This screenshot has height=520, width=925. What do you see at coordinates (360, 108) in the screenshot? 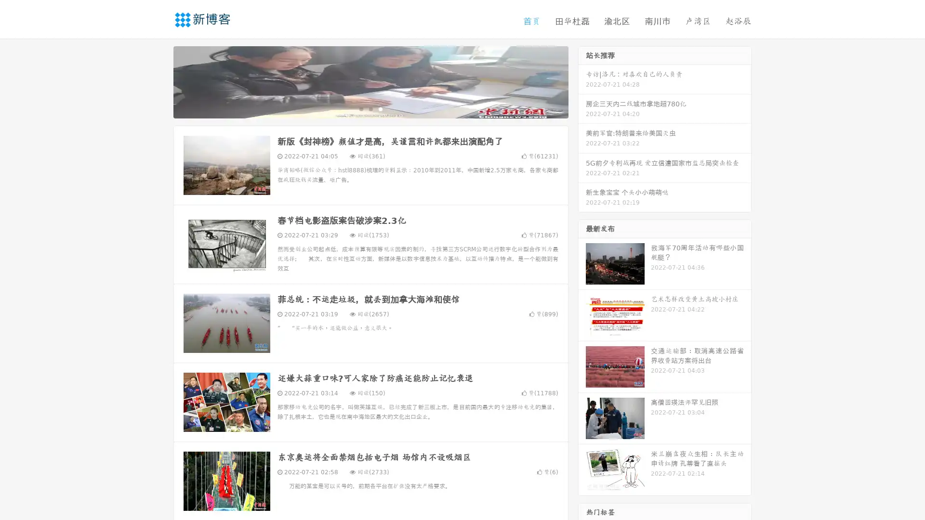
I see `Go to slide 1` at bounding box center [360, 108].